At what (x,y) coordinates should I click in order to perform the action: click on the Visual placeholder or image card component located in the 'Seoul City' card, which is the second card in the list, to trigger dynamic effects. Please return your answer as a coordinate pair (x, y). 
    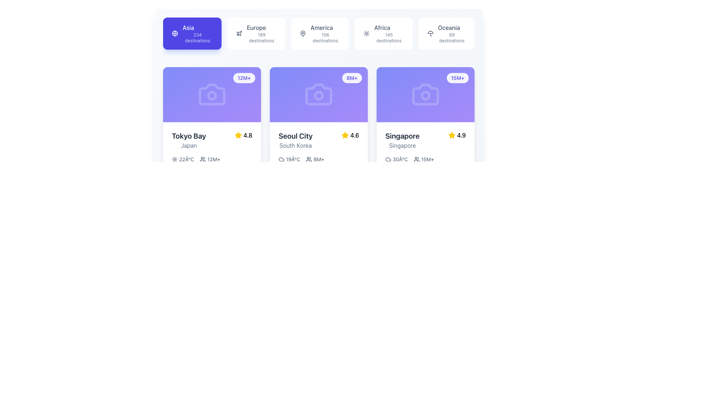
    Looking at the image, I should click on (319, 94).